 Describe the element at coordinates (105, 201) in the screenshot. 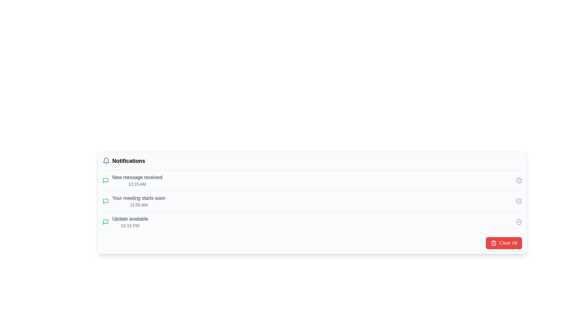

I see `the small square icon featuring a green speech bubble graphic, which is part of the notification interface next to the text 'Your meeting starts soon.'` at that location.